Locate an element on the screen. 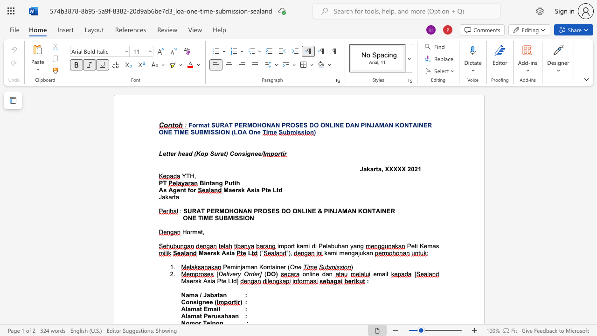 Image resolution: width=597 pixels, height=336 pixels. the subset text "in" within the text "Peminjaman Kontainer" is located at coordinates (275, 267).